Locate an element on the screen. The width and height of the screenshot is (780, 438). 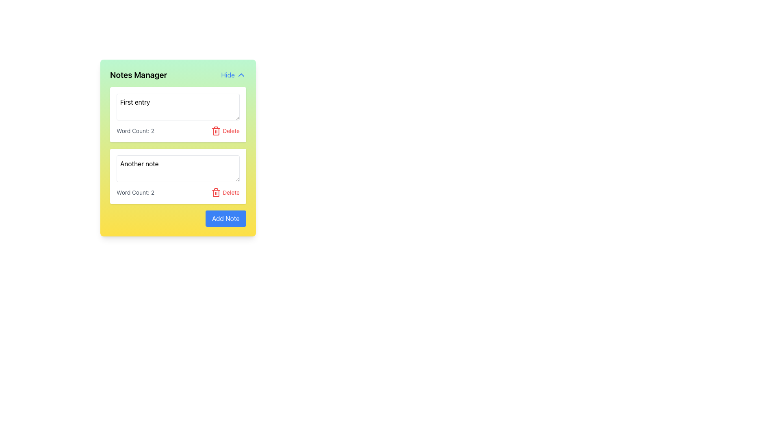
the 'Hide' button located at the top right corner of the 'Notes Manager' section is located at coordinates (233, 75).